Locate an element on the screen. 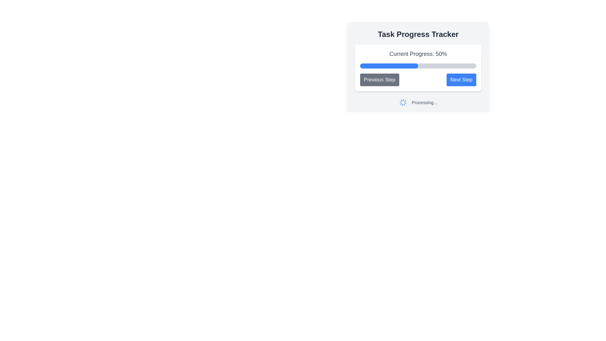 The width and height of the screenshot is (606, 341). the 'Next Step' button, which is a rectangular button with white text on a blue background is located at coordinates (461, 80).